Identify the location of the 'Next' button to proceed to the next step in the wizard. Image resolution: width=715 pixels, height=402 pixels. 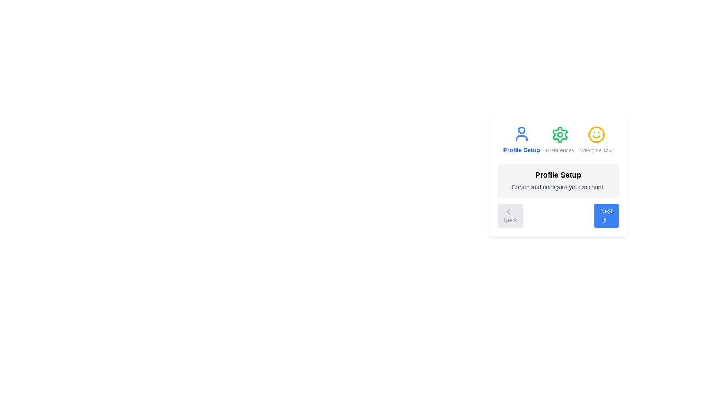
(606, 216).